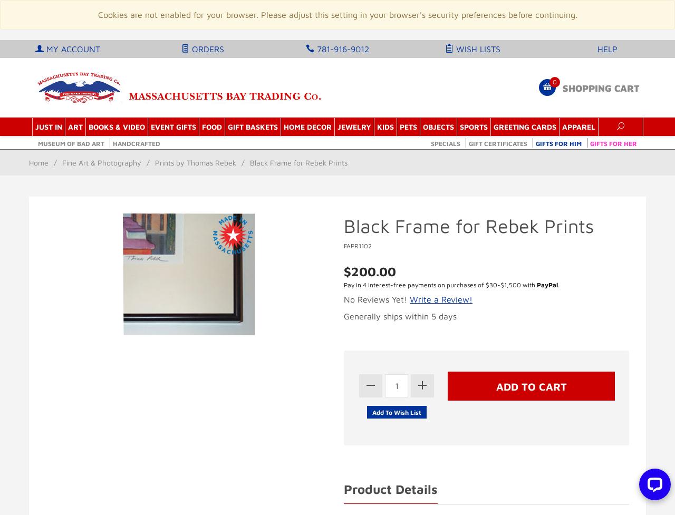 The height and width of the screenshot is (515, 675). What do you see at coordinates (211, 126) in the screenshot?
I see `'Food'` at bounding box center [211, 126].